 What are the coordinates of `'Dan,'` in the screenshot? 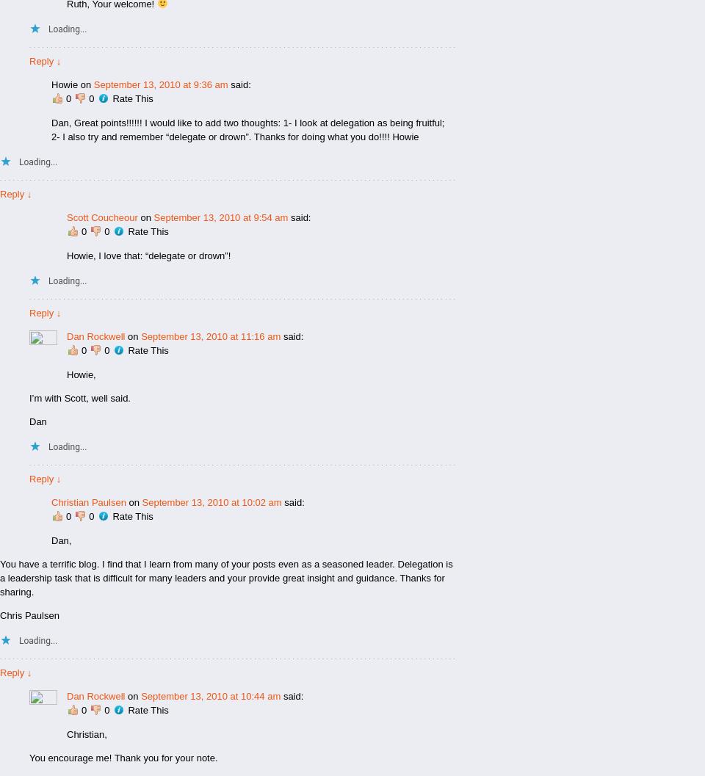 It's located at (61, 539).